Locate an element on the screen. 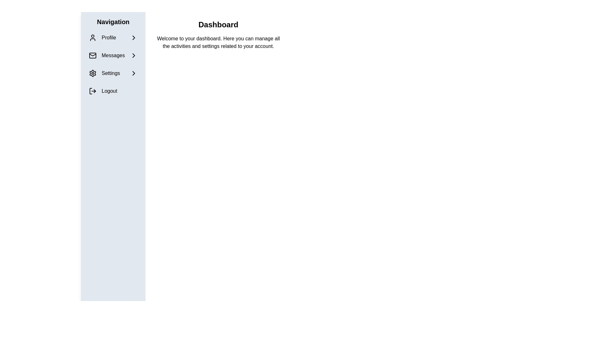 This screenshot has height=343, width=610. the mail-shaped icon that serves as a visual indicator for the 'Messages' navigation option located in the second row of the navigation sidebar, to the left of the 'Messages' text is located at coordinates (92, 55).